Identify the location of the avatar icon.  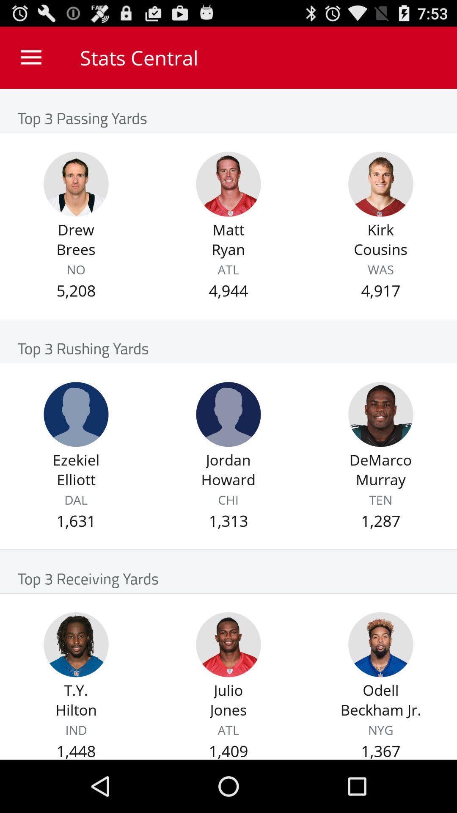
(380, 196).